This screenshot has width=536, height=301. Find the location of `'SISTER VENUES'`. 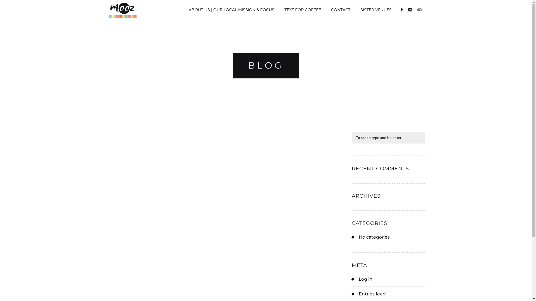

'SISTER VENUES' is located at coordinates (375, 9).